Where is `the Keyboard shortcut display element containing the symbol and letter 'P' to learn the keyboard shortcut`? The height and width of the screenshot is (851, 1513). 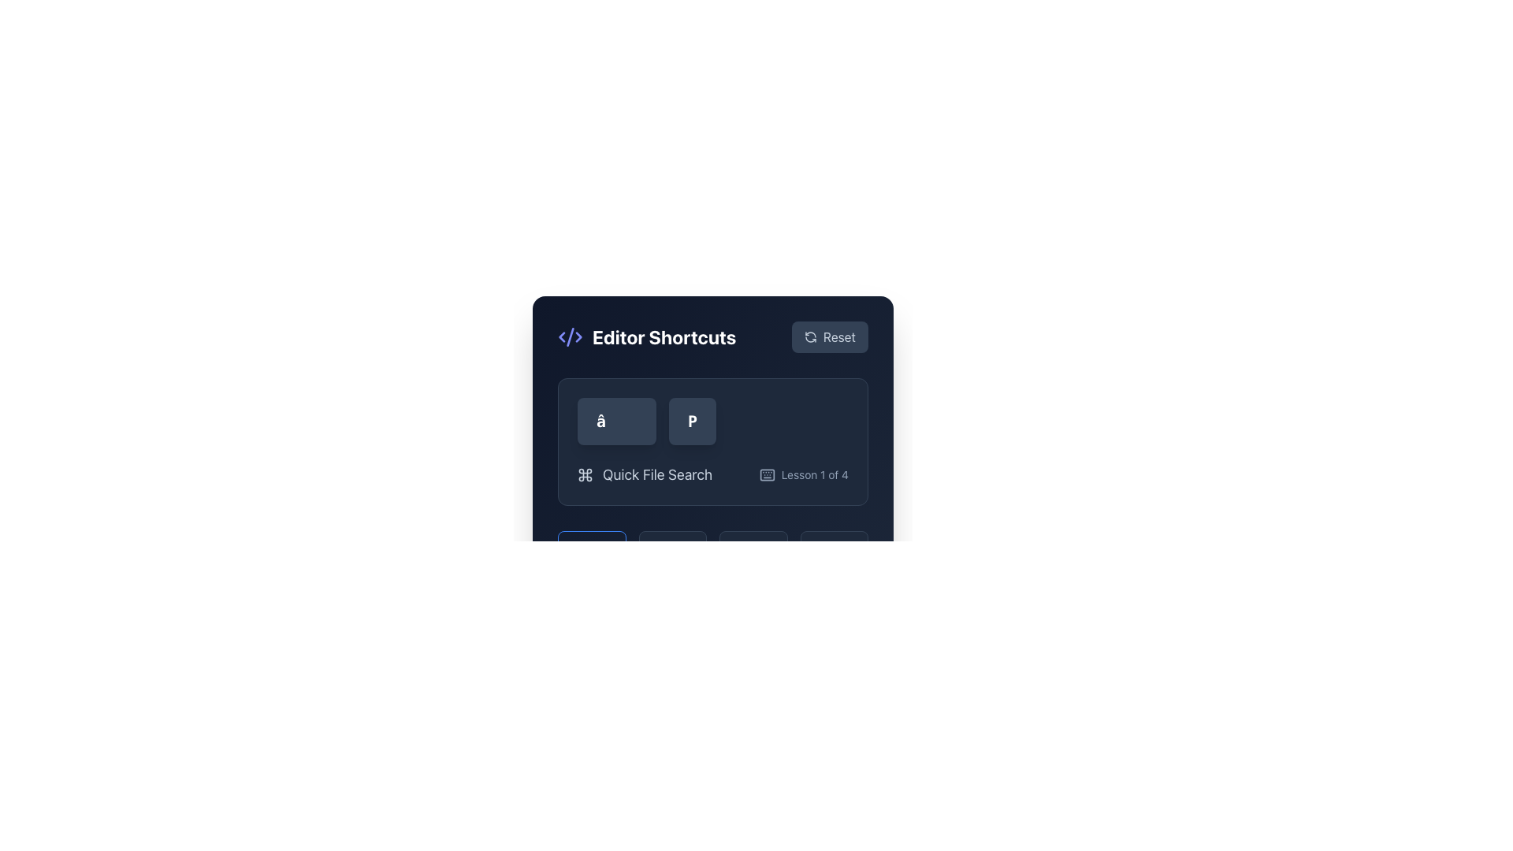
the Keyboard shortcut display element containing the symbol and letter 'P' to learn the keyboard shortcut is located at coordinates (712, 421).